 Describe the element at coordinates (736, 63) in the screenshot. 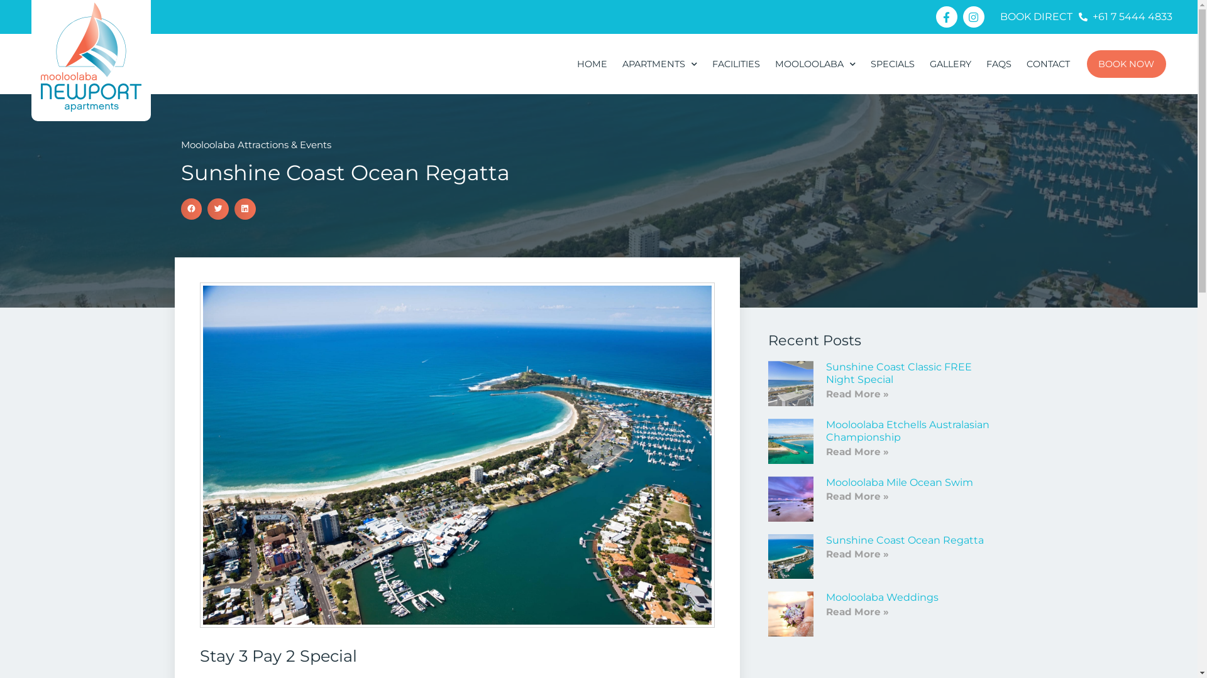

I see `'FACILITIES'` at that location.